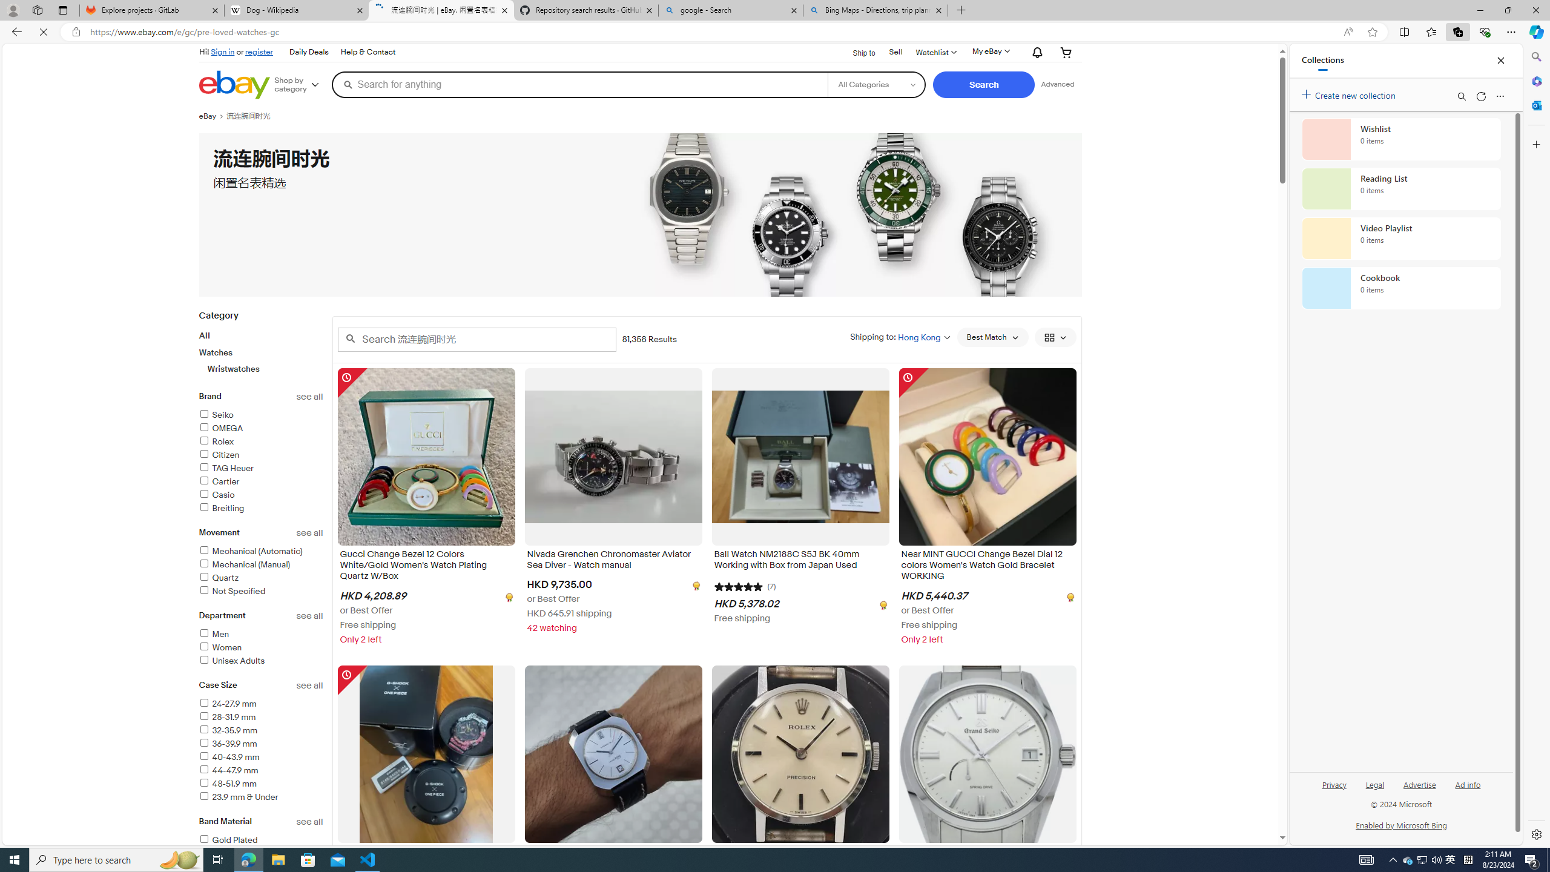  Describe the element at coordinates (308, 51) in the screenshot. I see `'Daily Deals'` at that location.